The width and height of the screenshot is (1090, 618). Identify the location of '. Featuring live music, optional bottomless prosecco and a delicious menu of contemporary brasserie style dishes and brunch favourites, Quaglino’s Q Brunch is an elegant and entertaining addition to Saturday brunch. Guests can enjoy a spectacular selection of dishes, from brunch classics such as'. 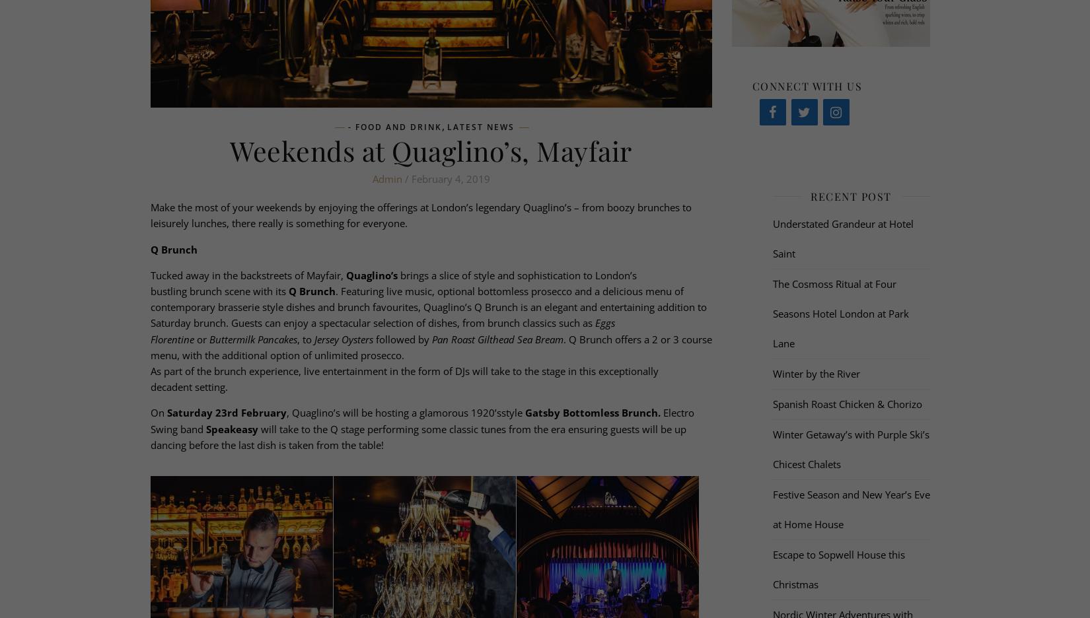
(427, 307).